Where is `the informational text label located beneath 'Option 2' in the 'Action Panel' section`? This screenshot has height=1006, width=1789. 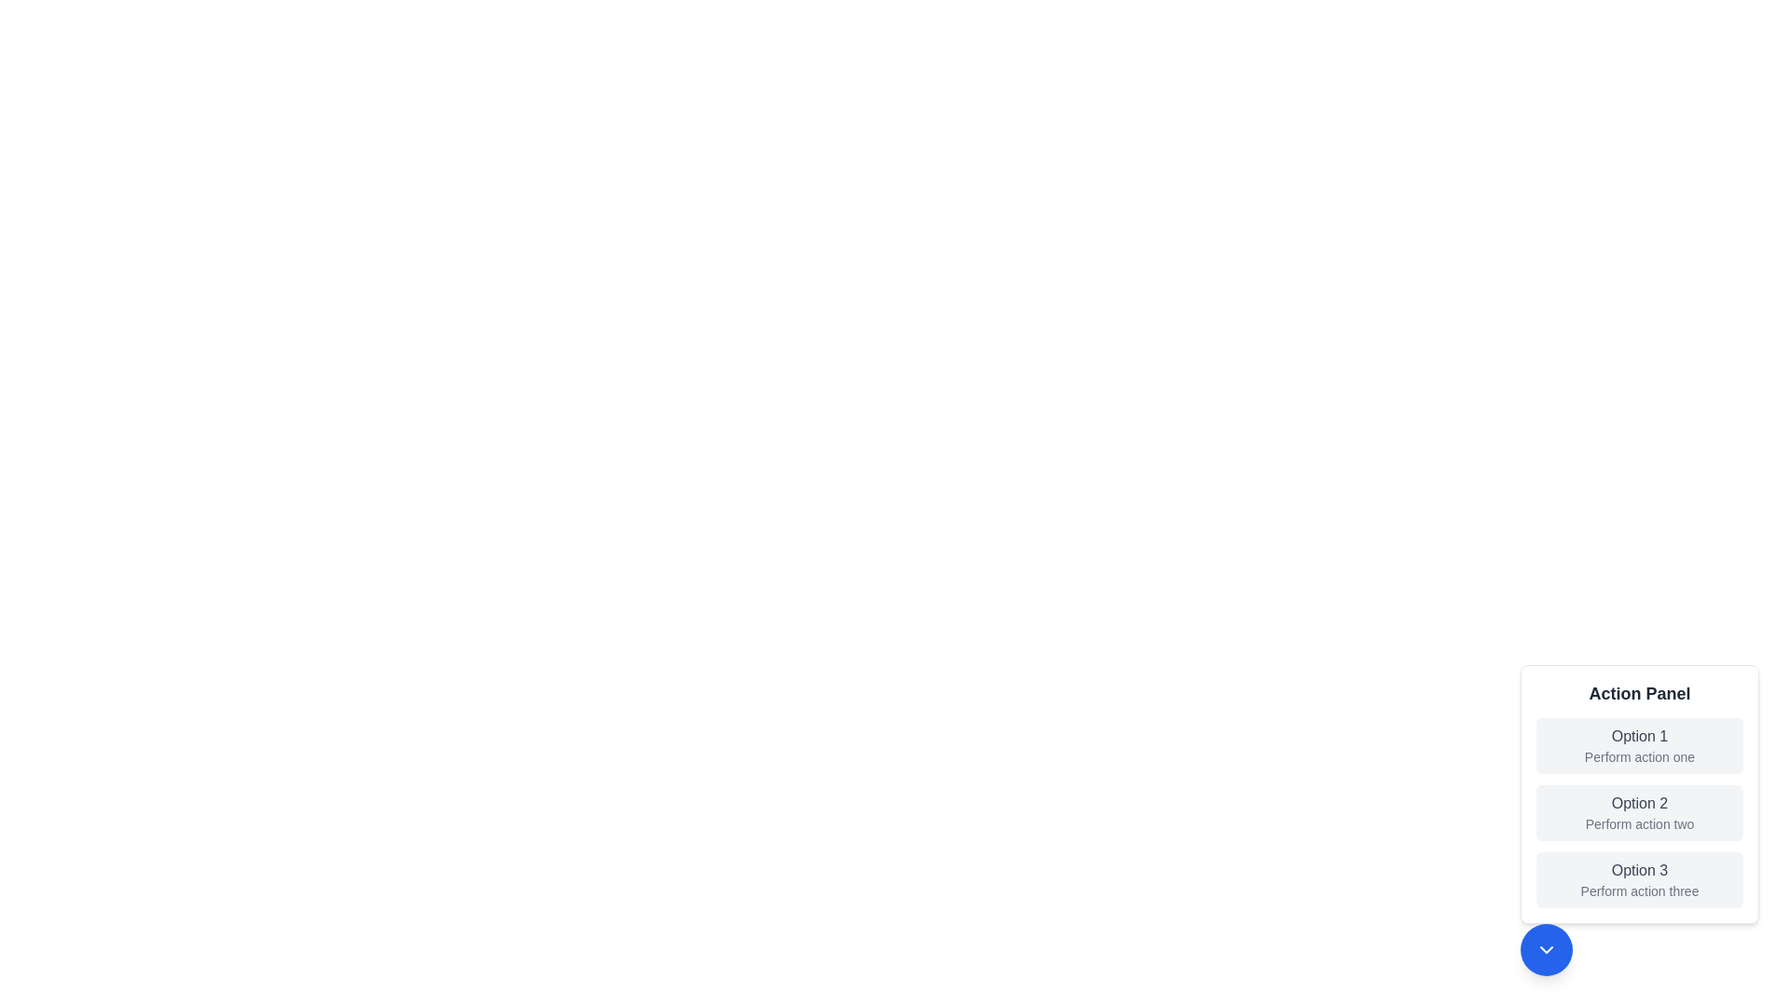 the informational text label located beneath 'Option 2' in the 'Action Panel' section is located at coordinates (1640, 822).